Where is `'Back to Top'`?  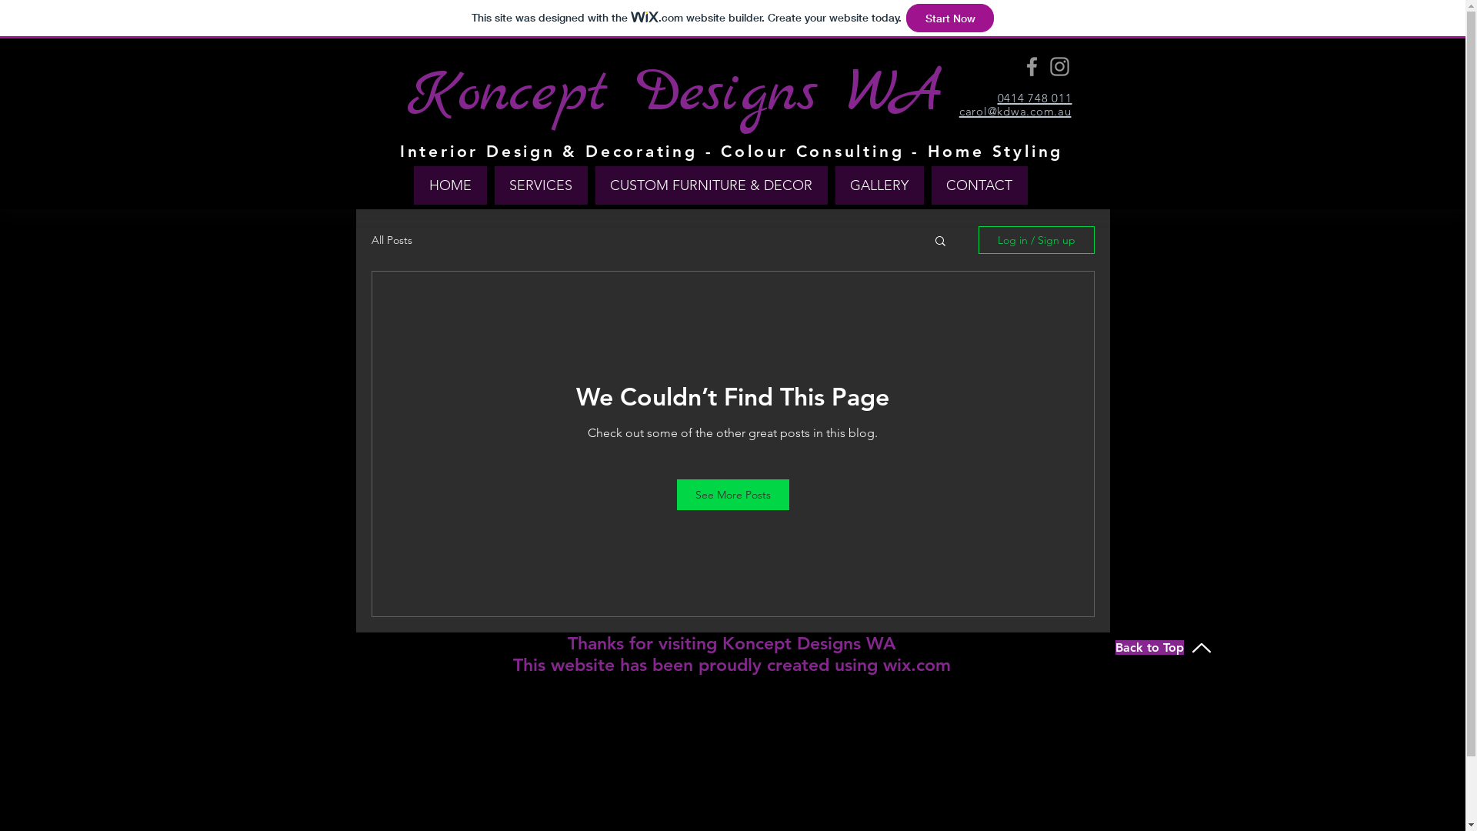
'Back to Top' is located at coordinates (1163, 647).